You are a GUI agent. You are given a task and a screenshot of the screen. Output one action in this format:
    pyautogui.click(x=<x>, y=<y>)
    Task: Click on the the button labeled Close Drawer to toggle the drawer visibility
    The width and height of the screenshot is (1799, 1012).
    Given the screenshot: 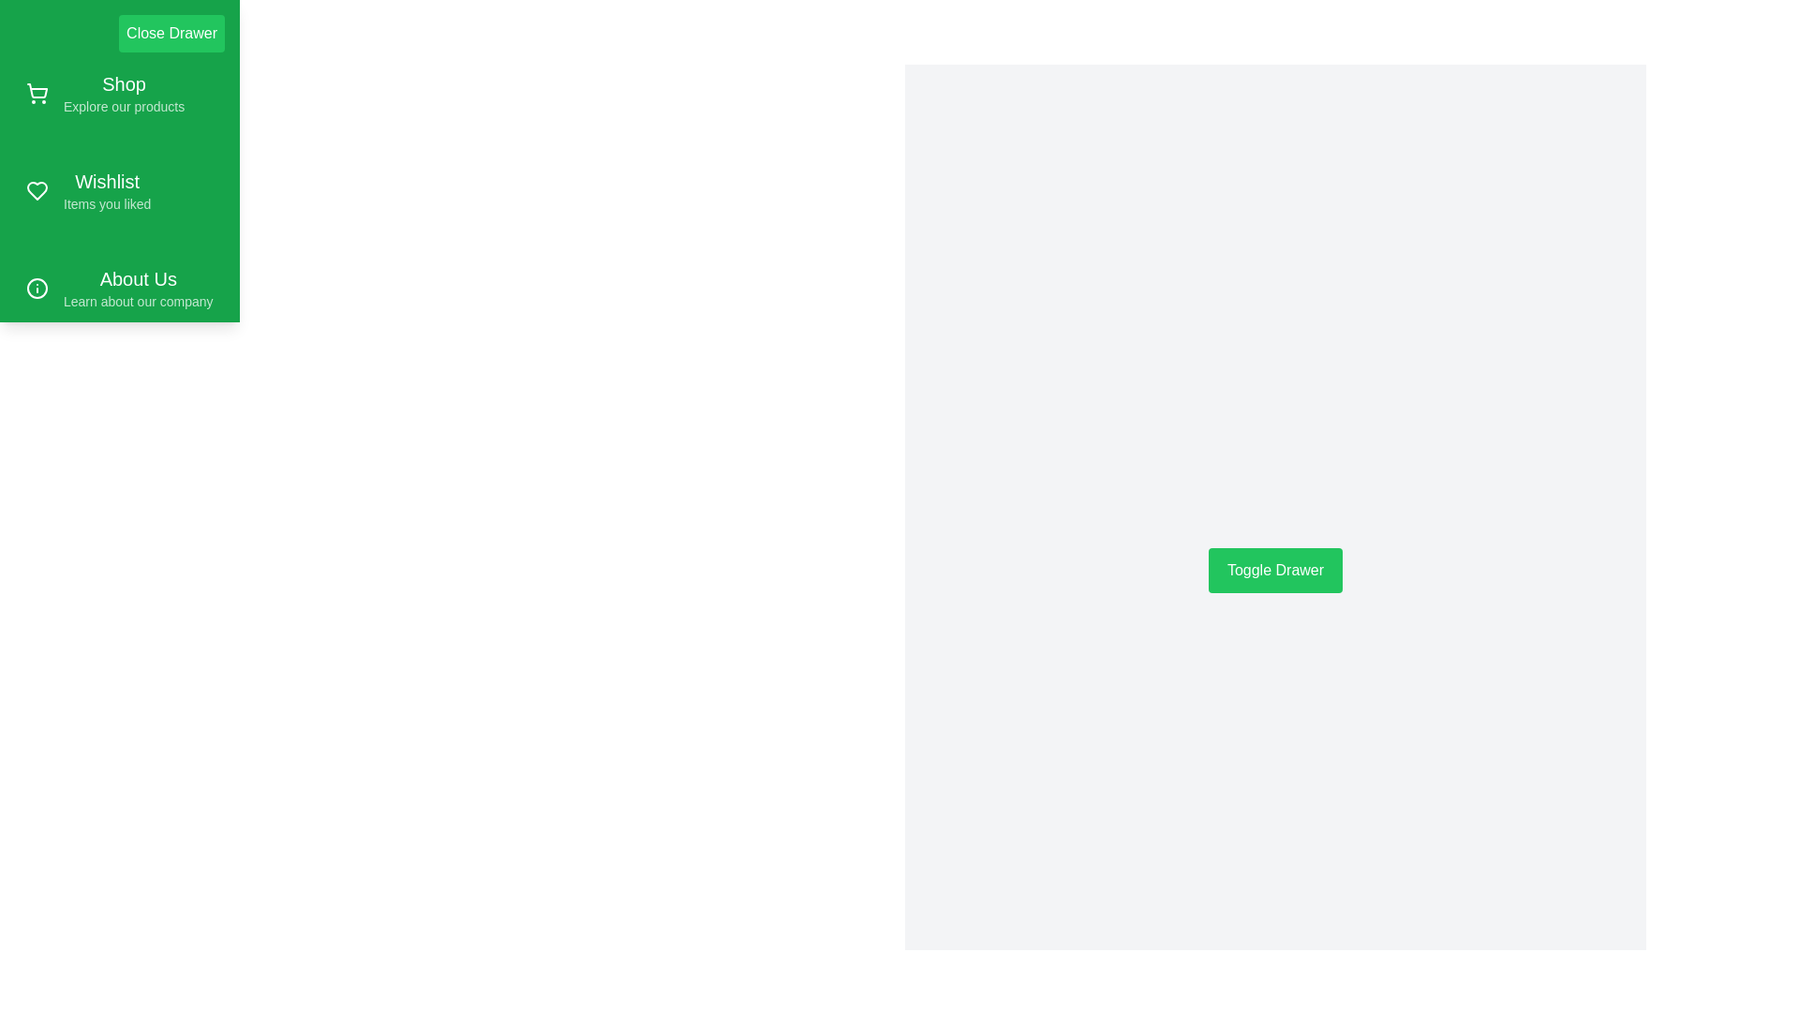 What is the action you would take?
    pyautogui.click(x=171, y=33)
    